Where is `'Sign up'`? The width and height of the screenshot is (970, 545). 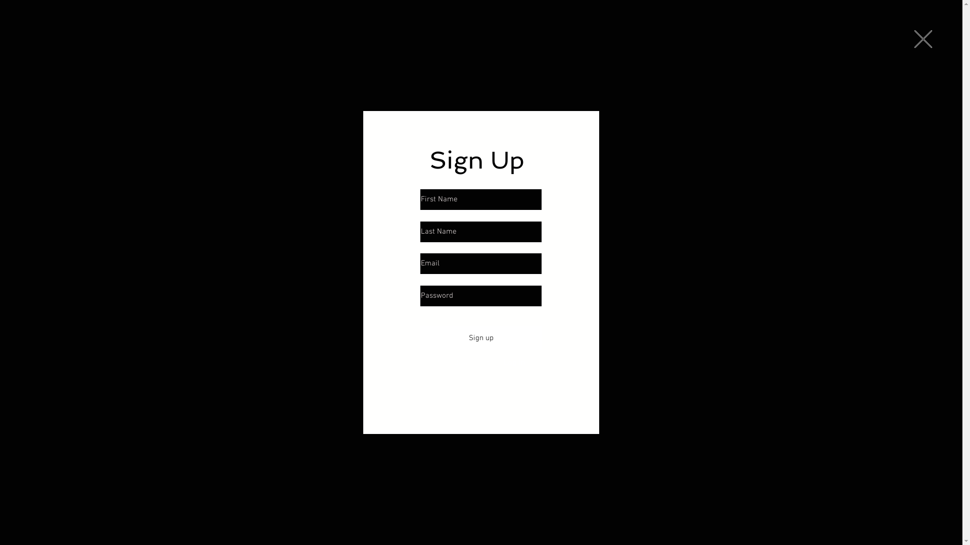
'Sign up' is located at coordinates (480, 338).